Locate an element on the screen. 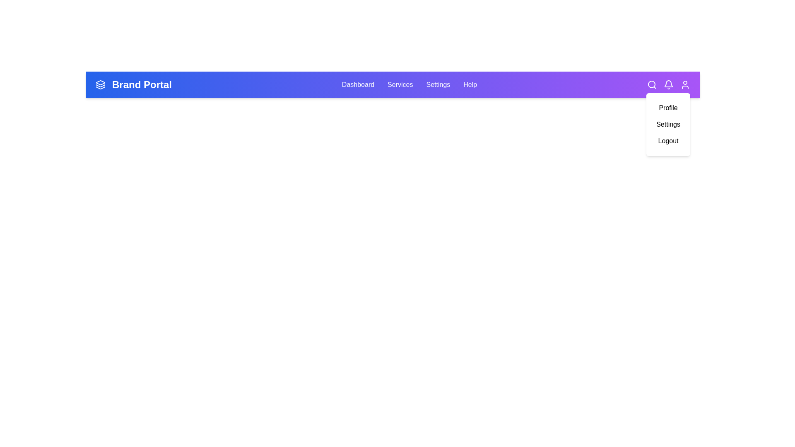  the layered icon with a white outline that is positioned left of the text 'Brand Portal' on the far-left side of the navigation bar is located at coordinates (100, 84).